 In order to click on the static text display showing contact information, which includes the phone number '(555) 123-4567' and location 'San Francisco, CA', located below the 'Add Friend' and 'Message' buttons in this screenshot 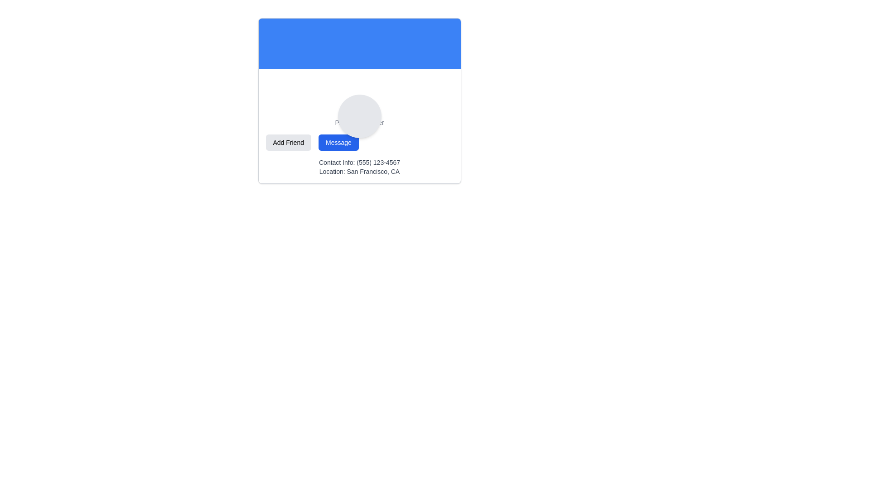, I will do `click(359, 171)`.